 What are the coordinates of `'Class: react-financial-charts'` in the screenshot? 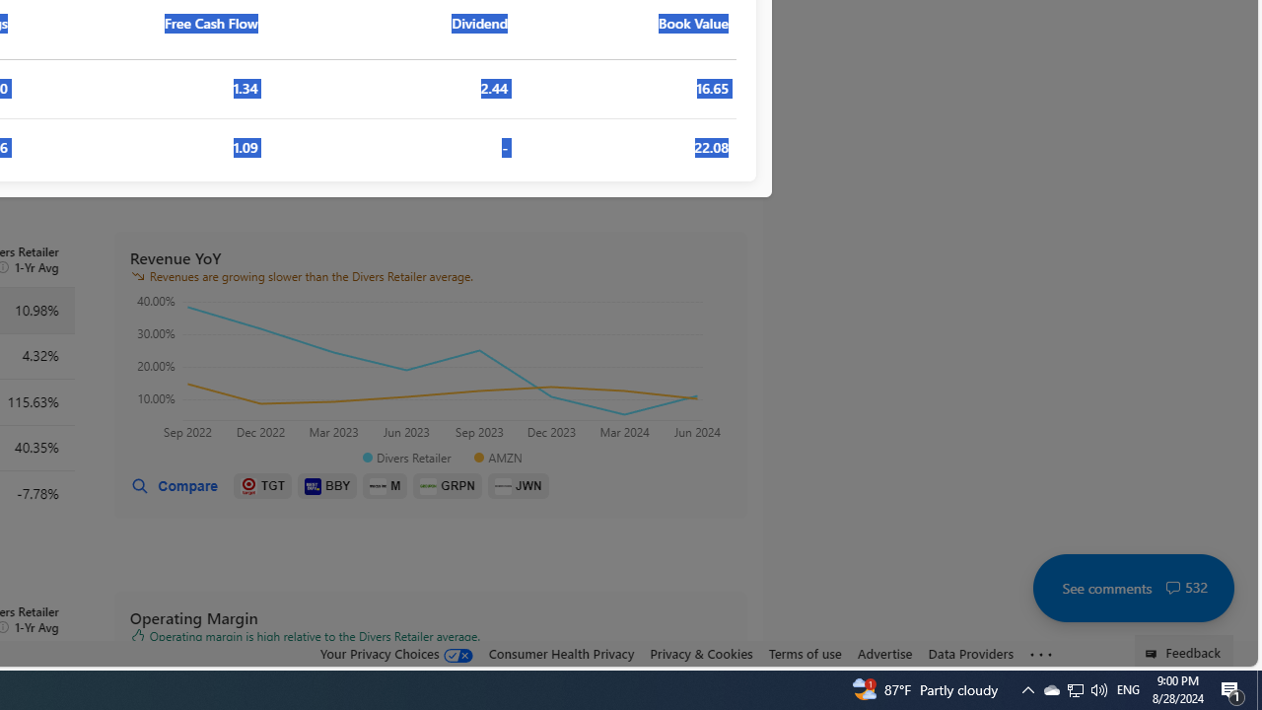 It's located at (429, 370).